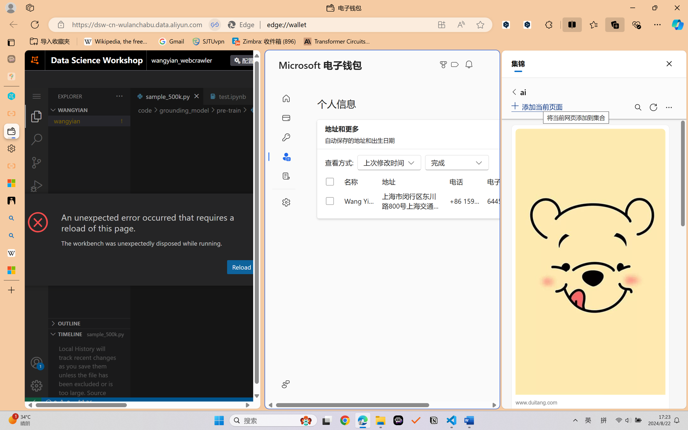 Image resolution: width=688 pixels, height=430 pixels. I want to click on 'No Problems', so click(57, 402).